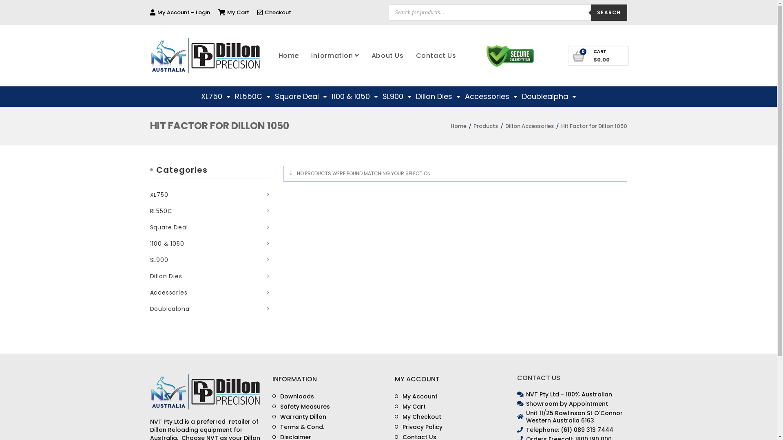 The image size is (783, 440). Describe the element at coordinates (418, 427) in the screenshot. I see `'Privacy Policy'` at that location.